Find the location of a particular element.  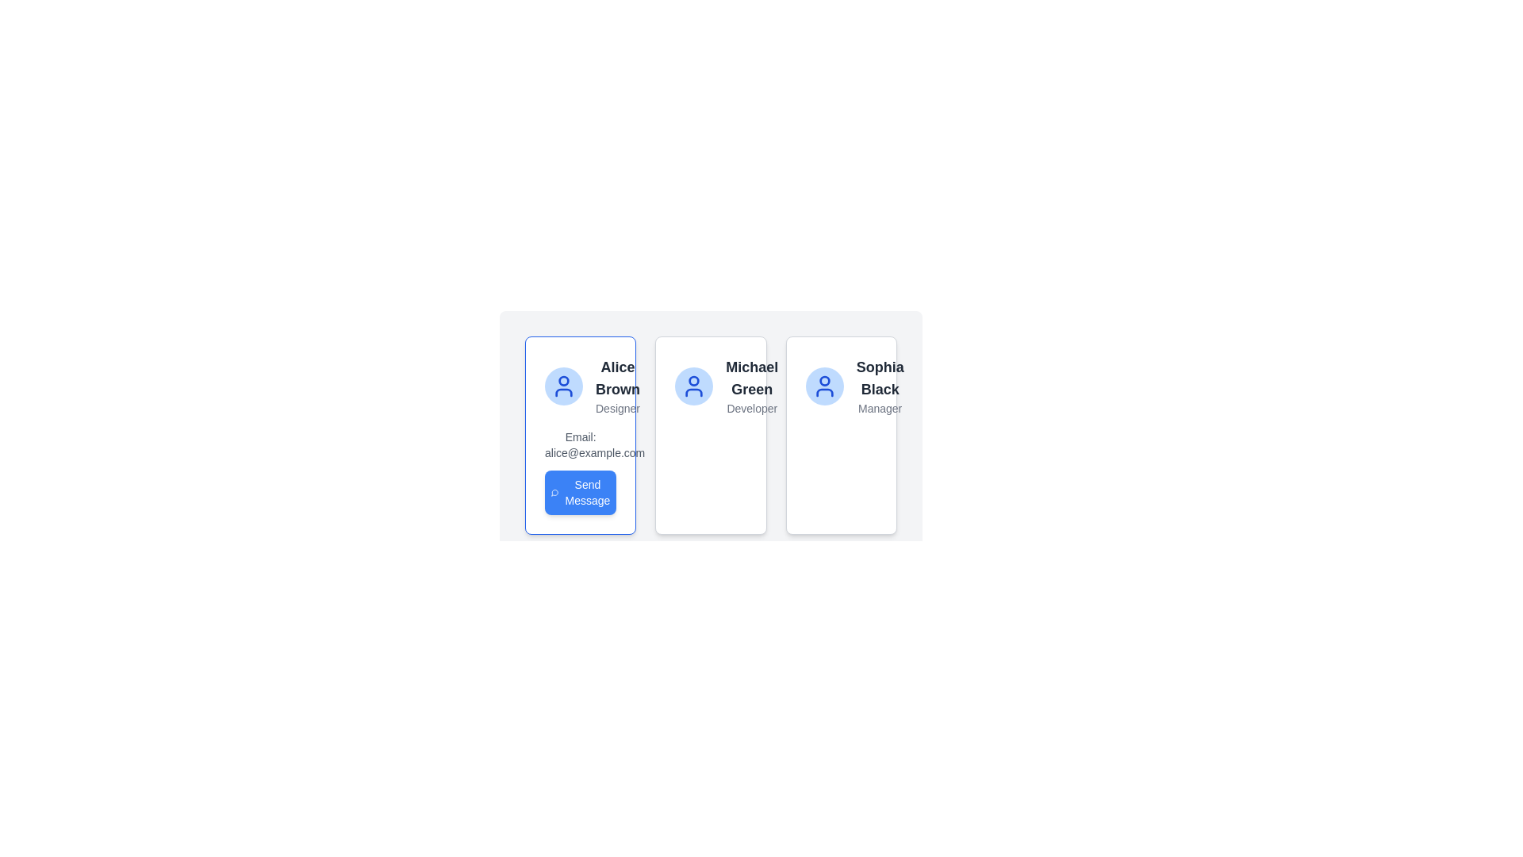

the profile card displaying 'Sophia Black' and 'Manager', located in the third card of the horizontal row is located at coordinates (840, 386).